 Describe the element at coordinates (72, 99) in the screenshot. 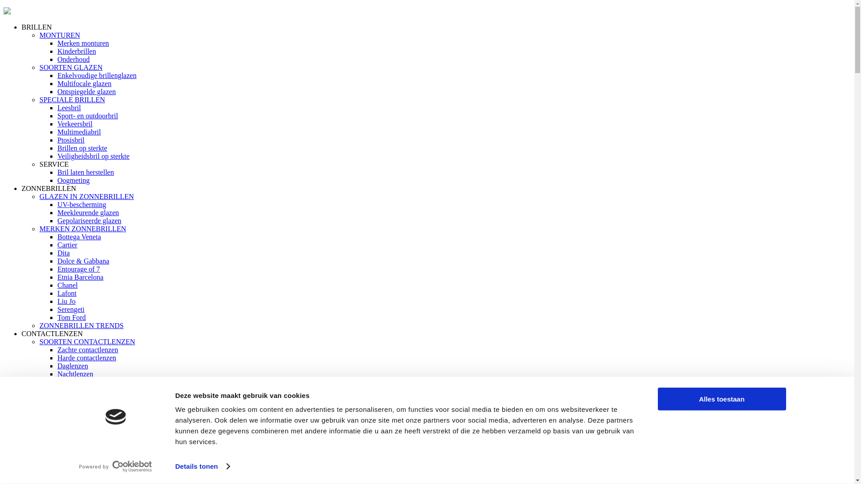

I see `'SPECIALE BRILLEN'` at that location.